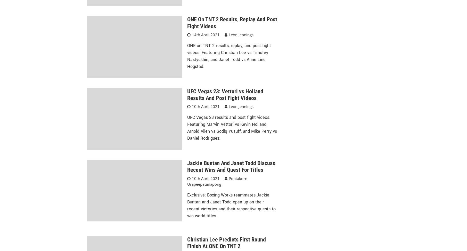  What do you see at coordinates (225, 94) in the screenshot?
I see `'UFC Vegas 23: Vettori vs Holland Results And Post Fight Videos'` at bounding box center [225, 94].